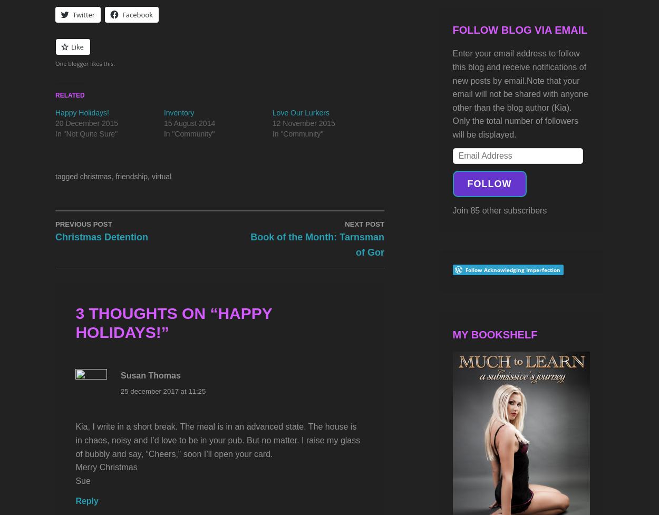 Image resolution: width=659 pixels, height=515 pixels. Describe the element at coordinates (75, 312) in the screenshot. I see `'3 thoughts on “'` at that location.